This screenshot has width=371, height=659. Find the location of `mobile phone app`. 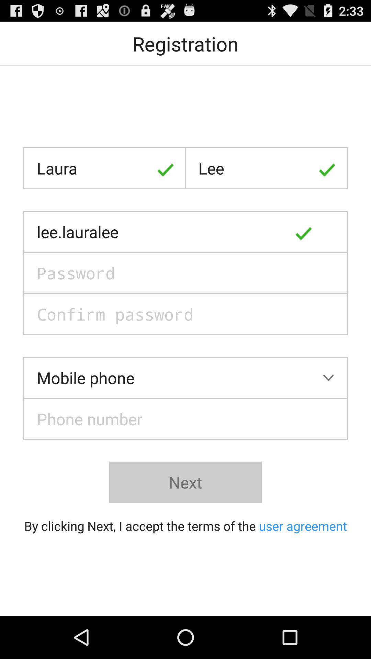

mobile phone app is located at coordinates (185, 377).